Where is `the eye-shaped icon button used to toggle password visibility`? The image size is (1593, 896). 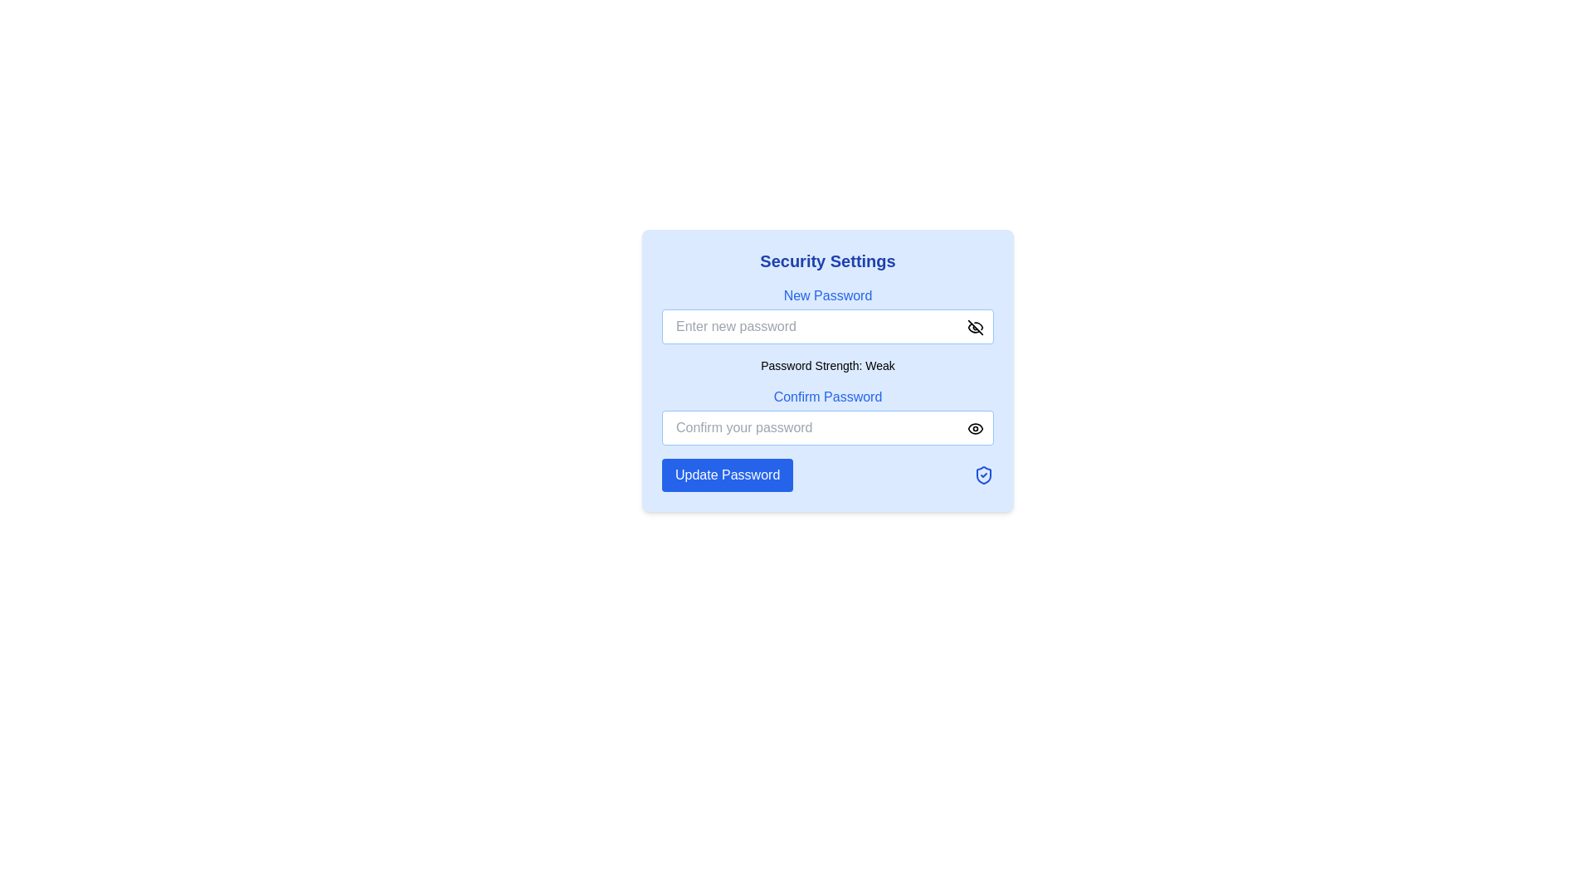 the eye-shaped icon button used to toggle password visibility is located at coordinates (976, 427).